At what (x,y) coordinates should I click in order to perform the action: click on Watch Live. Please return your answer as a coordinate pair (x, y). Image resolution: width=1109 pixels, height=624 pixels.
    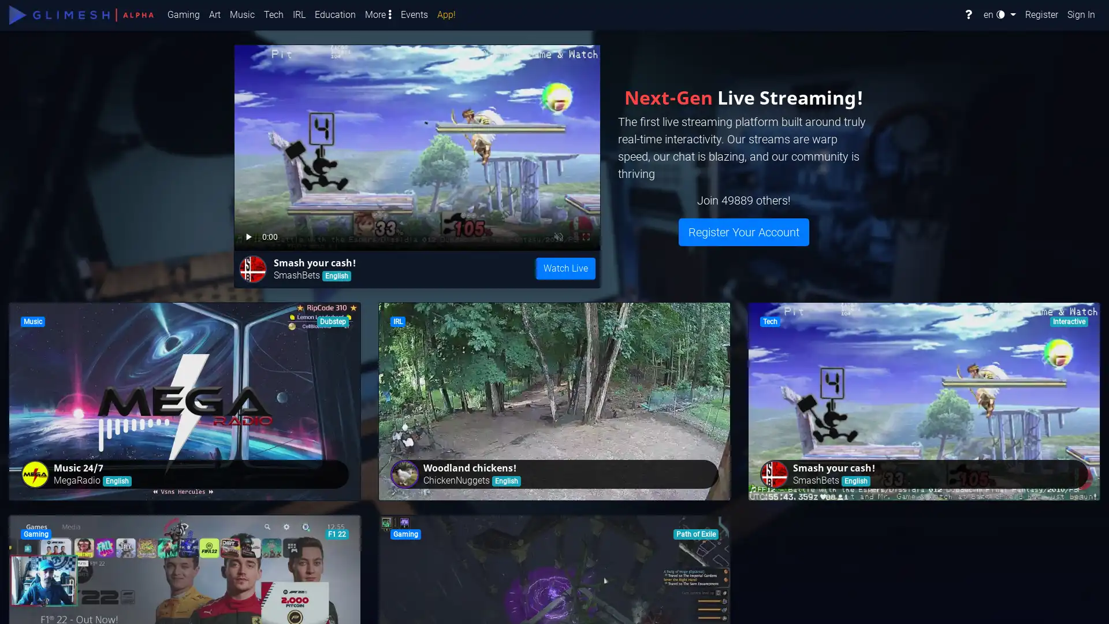
    Looking at the image, I should click on (565, 269).